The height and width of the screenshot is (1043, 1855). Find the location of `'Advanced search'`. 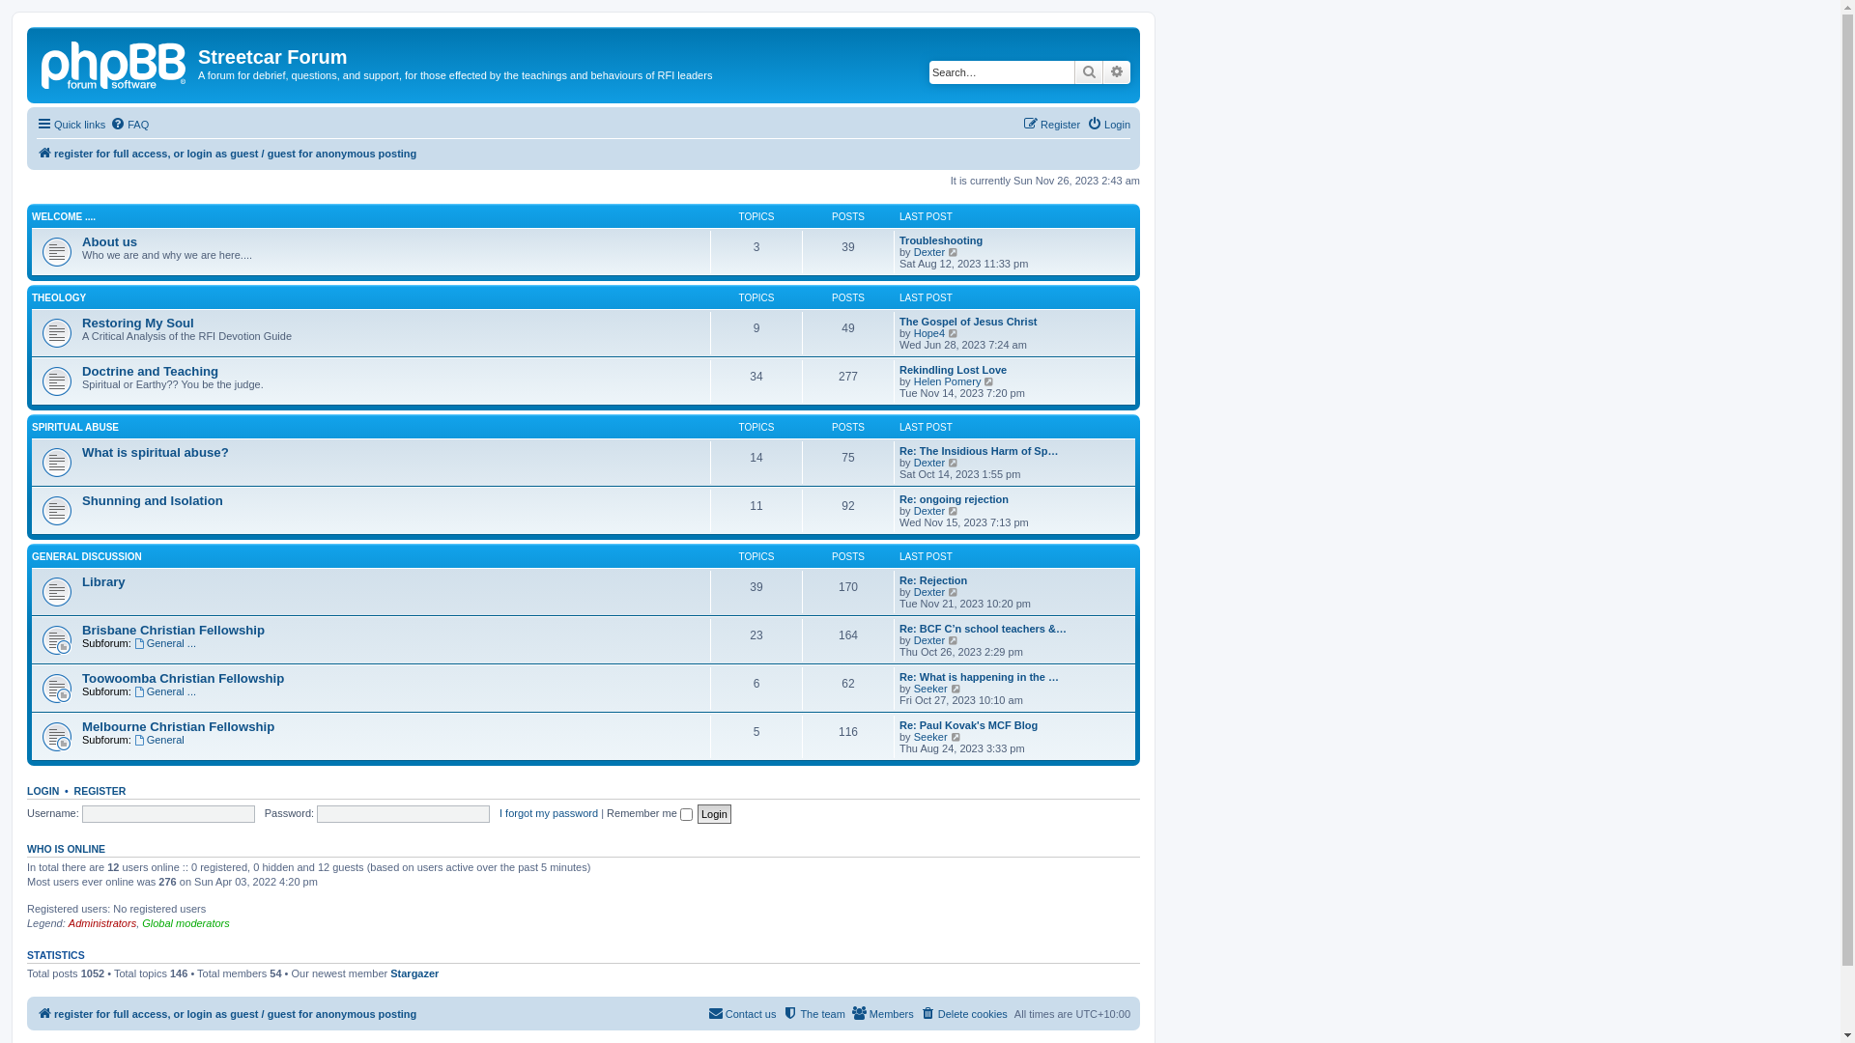

'Advanced search' is located at coordinates (1117, 70).